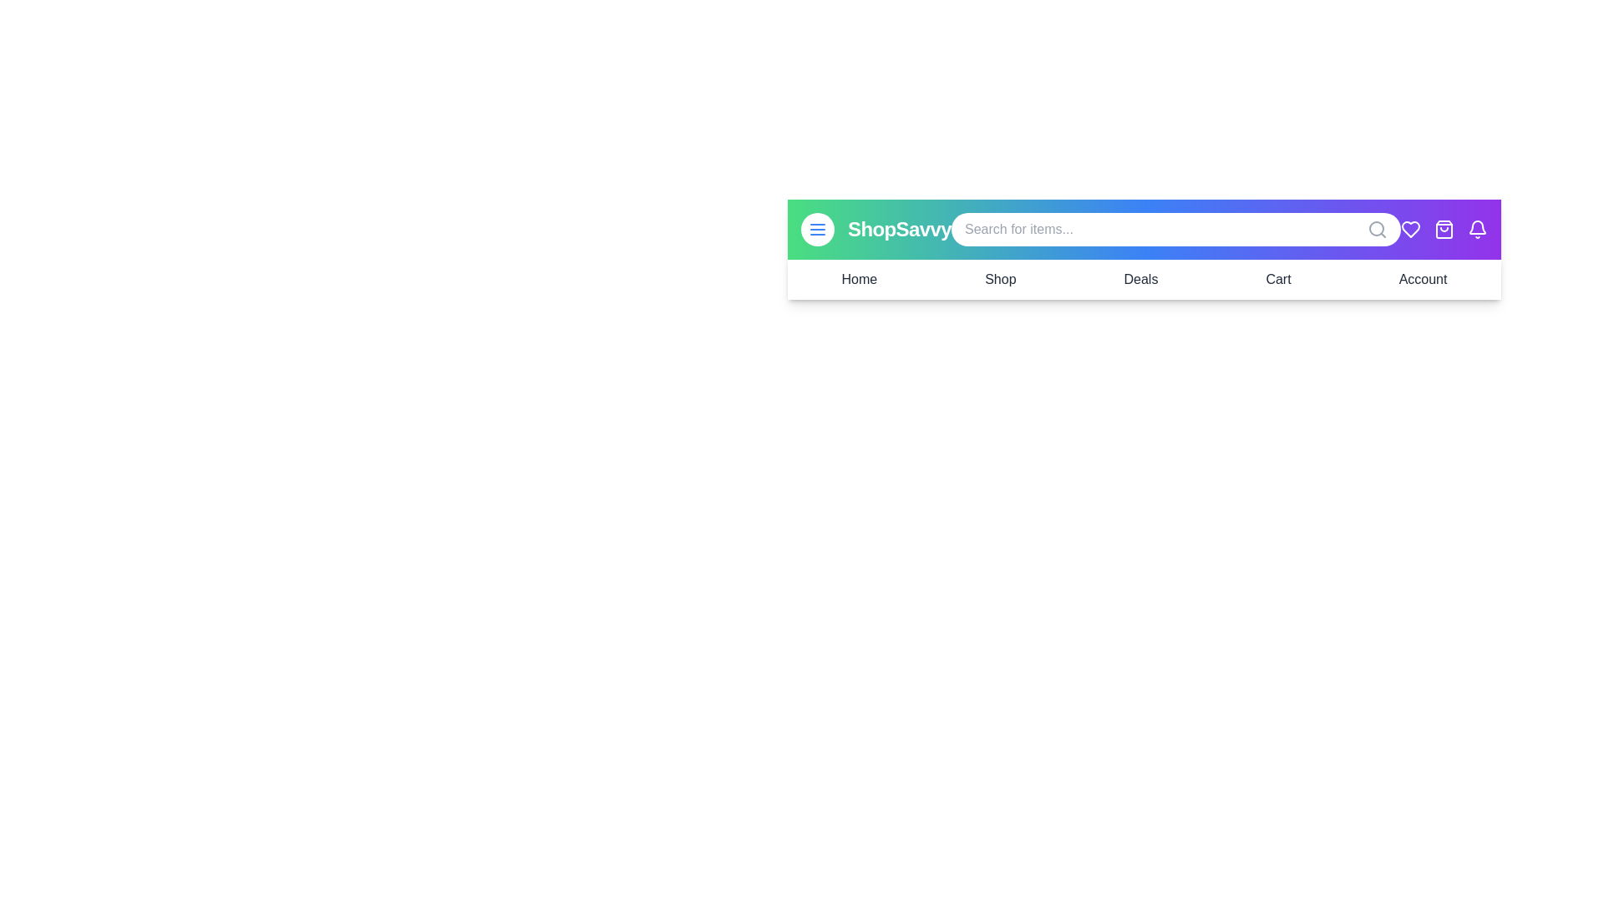 The height and width of the screenshot is (902, 1604). Describe the element at coordinates (1422, 279) in the screenshot. I see `the Account link in the navigation bar` at that location.